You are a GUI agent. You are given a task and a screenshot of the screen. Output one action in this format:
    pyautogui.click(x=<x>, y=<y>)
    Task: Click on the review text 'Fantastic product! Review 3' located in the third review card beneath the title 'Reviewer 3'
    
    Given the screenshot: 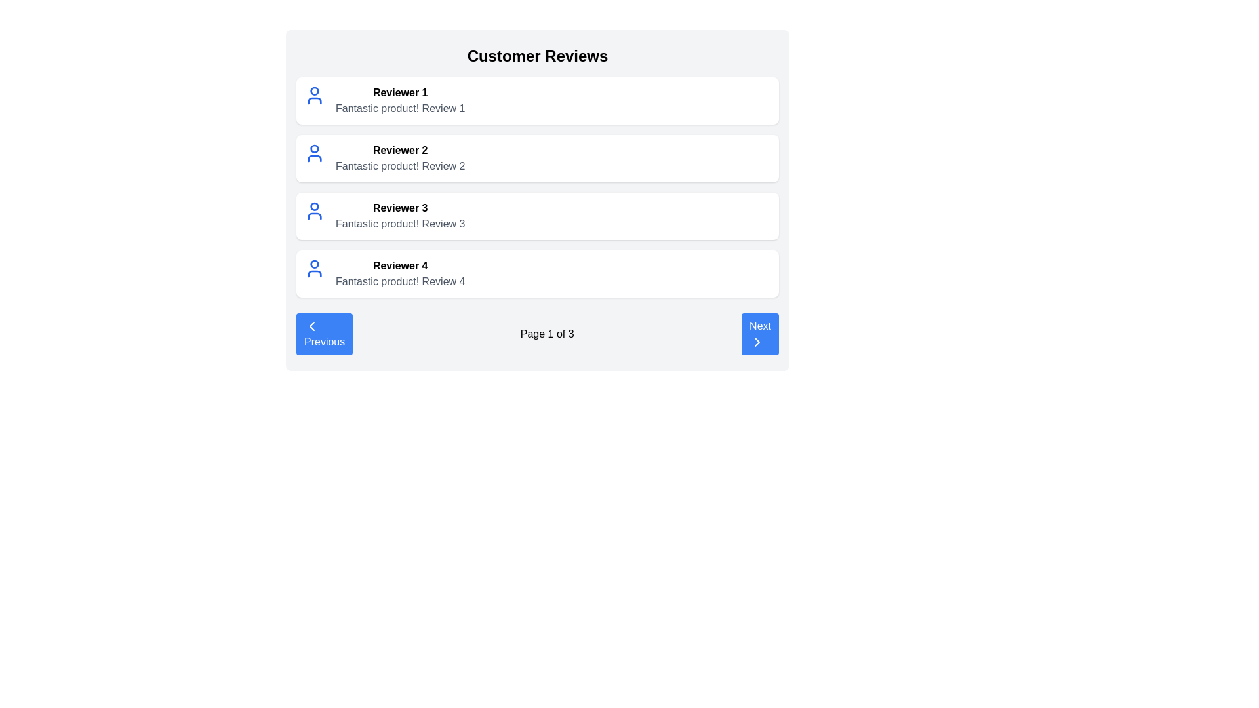 What is the action you would take?
    pyautogui.click(x=399, y=216)
    